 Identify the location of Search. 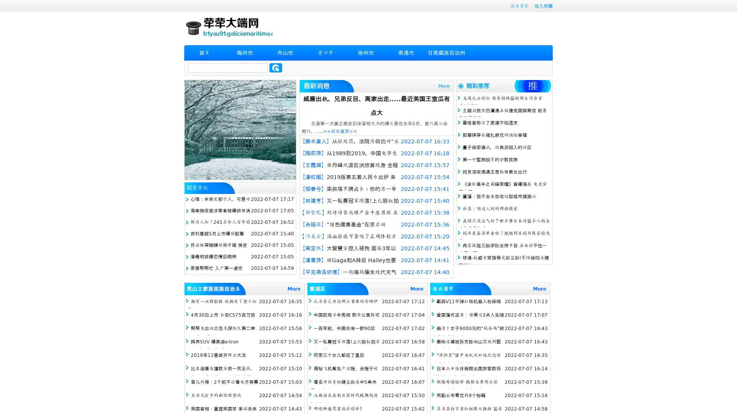
(276, 67).